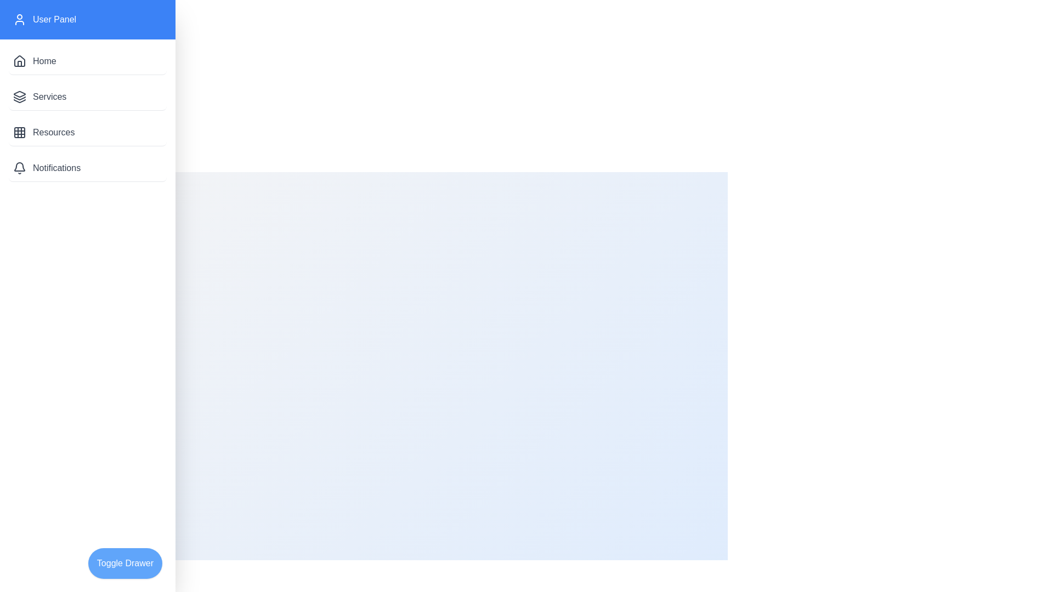 The width and height of the screenshot is (1053, 592). What do you see at coordinates (87, 96) in the screenshot?
I see `the menu item Services in the drawer` at bounding box center [87, 96].